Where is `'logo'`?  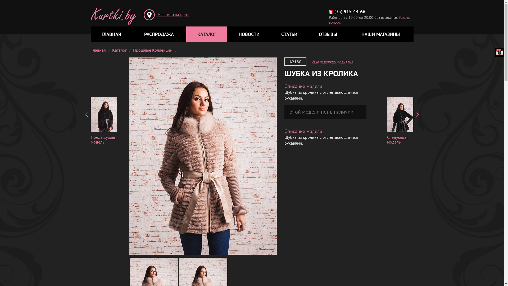 'logo' is located at coordinates (113, 12).